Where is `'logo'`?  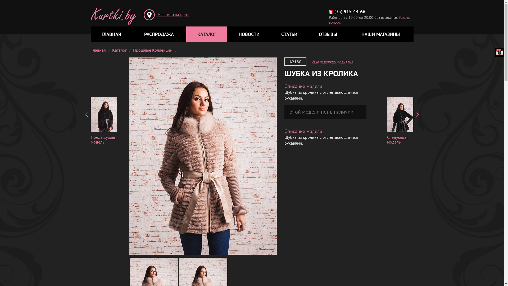 'logo' is located at coordinates (113, 12).